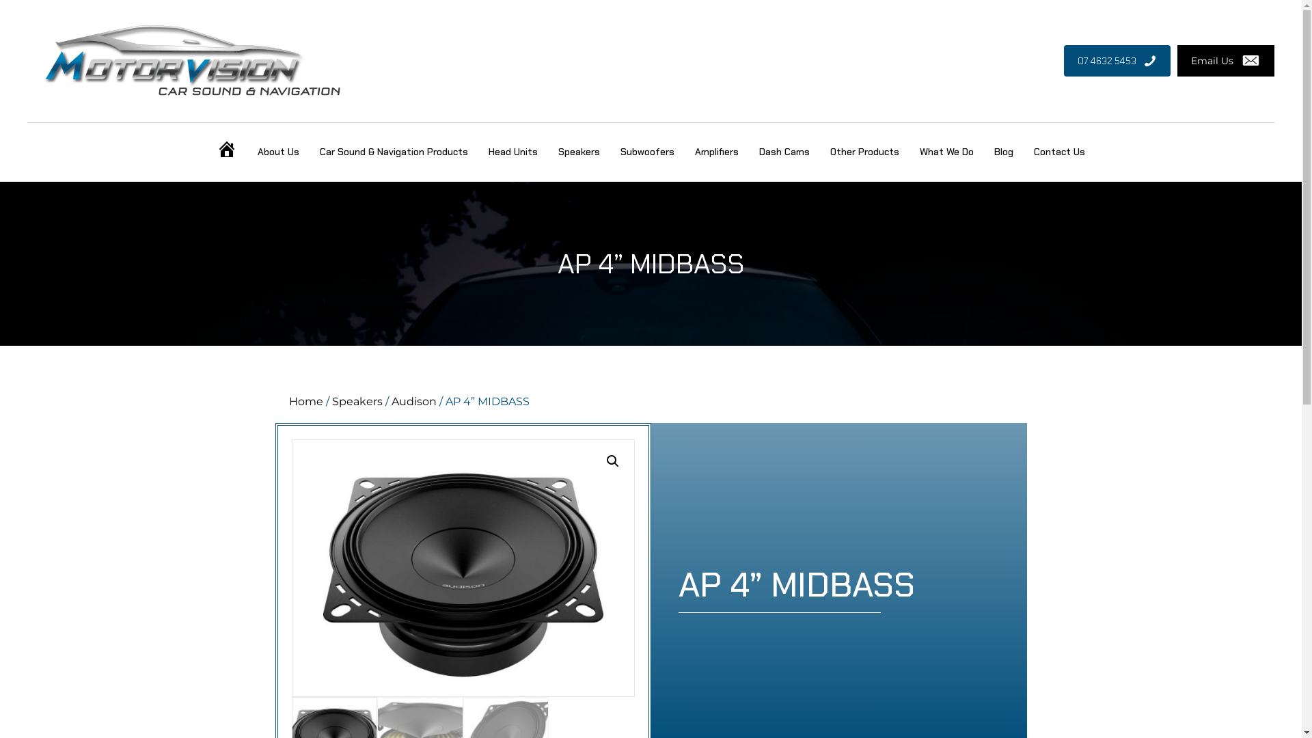  Describe the element at coordinates (304, 400) in the screenshot. I see `'Home'` at that location.